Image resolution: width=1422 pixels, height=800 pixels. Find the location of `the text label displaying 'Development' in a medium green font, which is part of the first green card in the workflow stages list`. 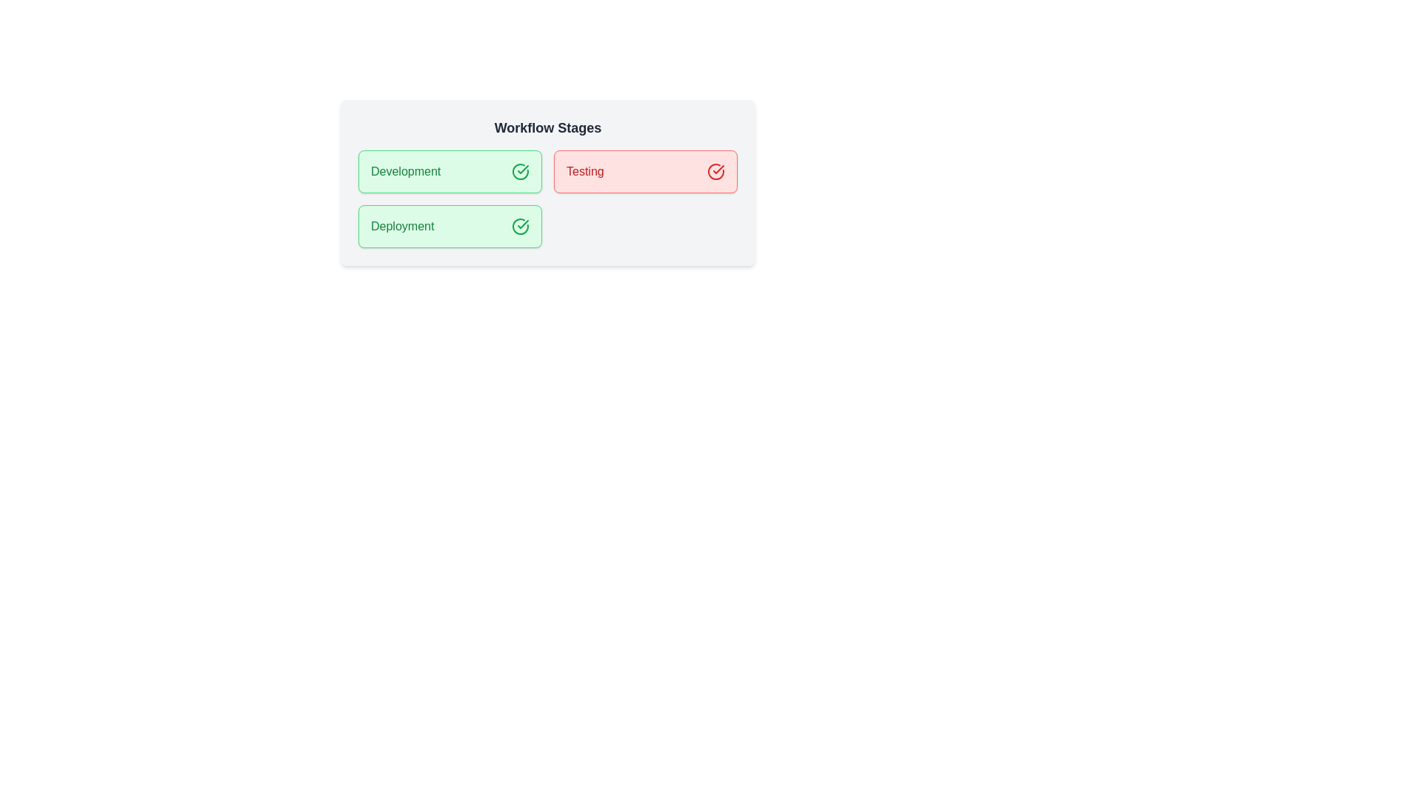

the text label displaying 'Development' in a medium green font, which is part of the first green card in the workflow stages list is located at coordinates (406, 170).